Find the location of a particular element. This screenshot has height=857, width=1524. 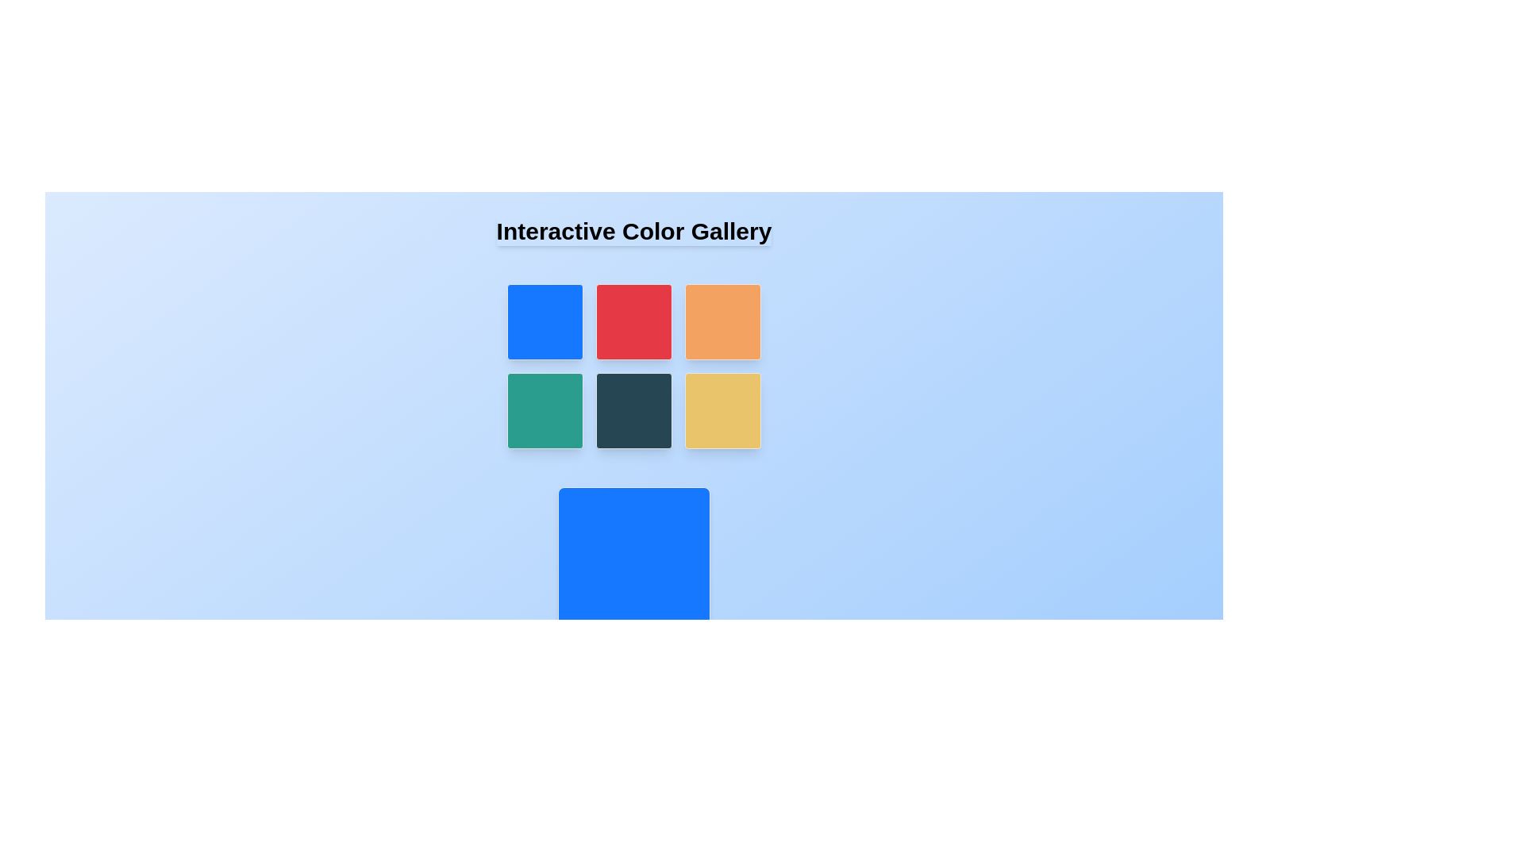

the square-shaped button with a dark teal background located in the middle column of the second row in the grid layout below the title 'Interactive Color Gallery' is located at coordinates (633, 409).